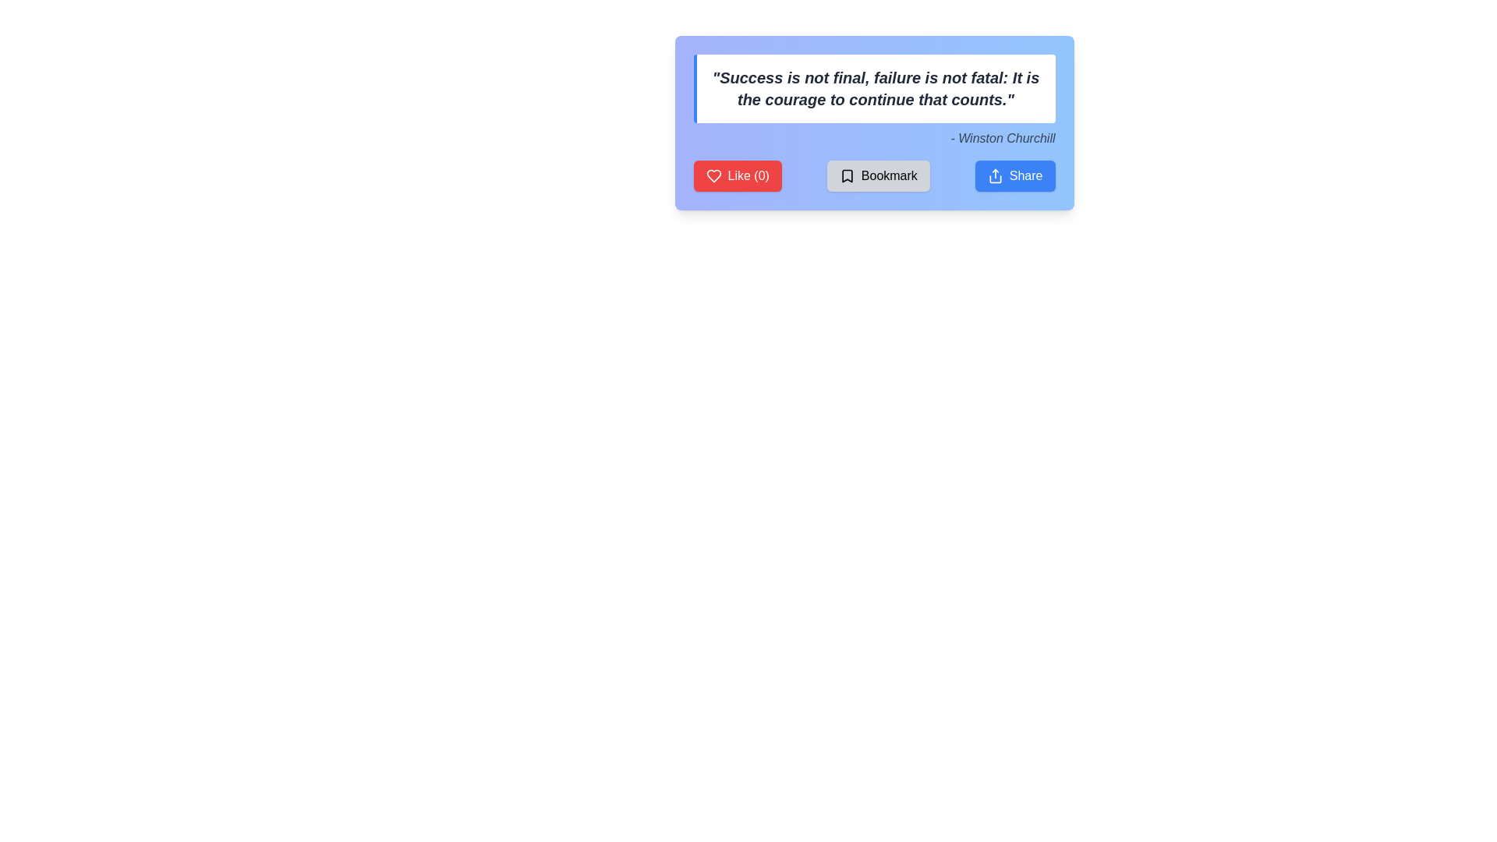  I want to click on the heart icon representing the 'Like' action located within the 'Like (0)' button at the bottom left of the quote panel, so click(713, 175).